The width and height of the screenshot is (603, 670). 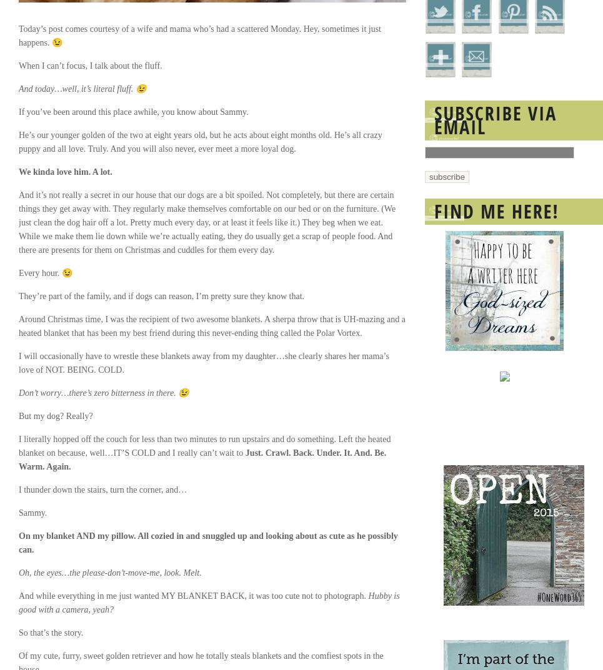 What do you see at coordinates (202, 363) in the screenshot?
I see `'I will occasionally have to wrestle these blankets away from my daughter…she clearly shares her mama’s love of NOT. BEING. COLD.'` at bounding box center [202, 363].